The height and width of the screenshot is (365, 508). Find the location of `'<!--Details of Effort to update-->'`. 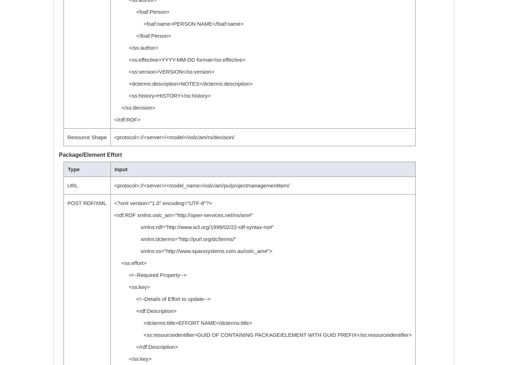

'<!--Details of Effort to update-->' is located at coordinates (162, 299).